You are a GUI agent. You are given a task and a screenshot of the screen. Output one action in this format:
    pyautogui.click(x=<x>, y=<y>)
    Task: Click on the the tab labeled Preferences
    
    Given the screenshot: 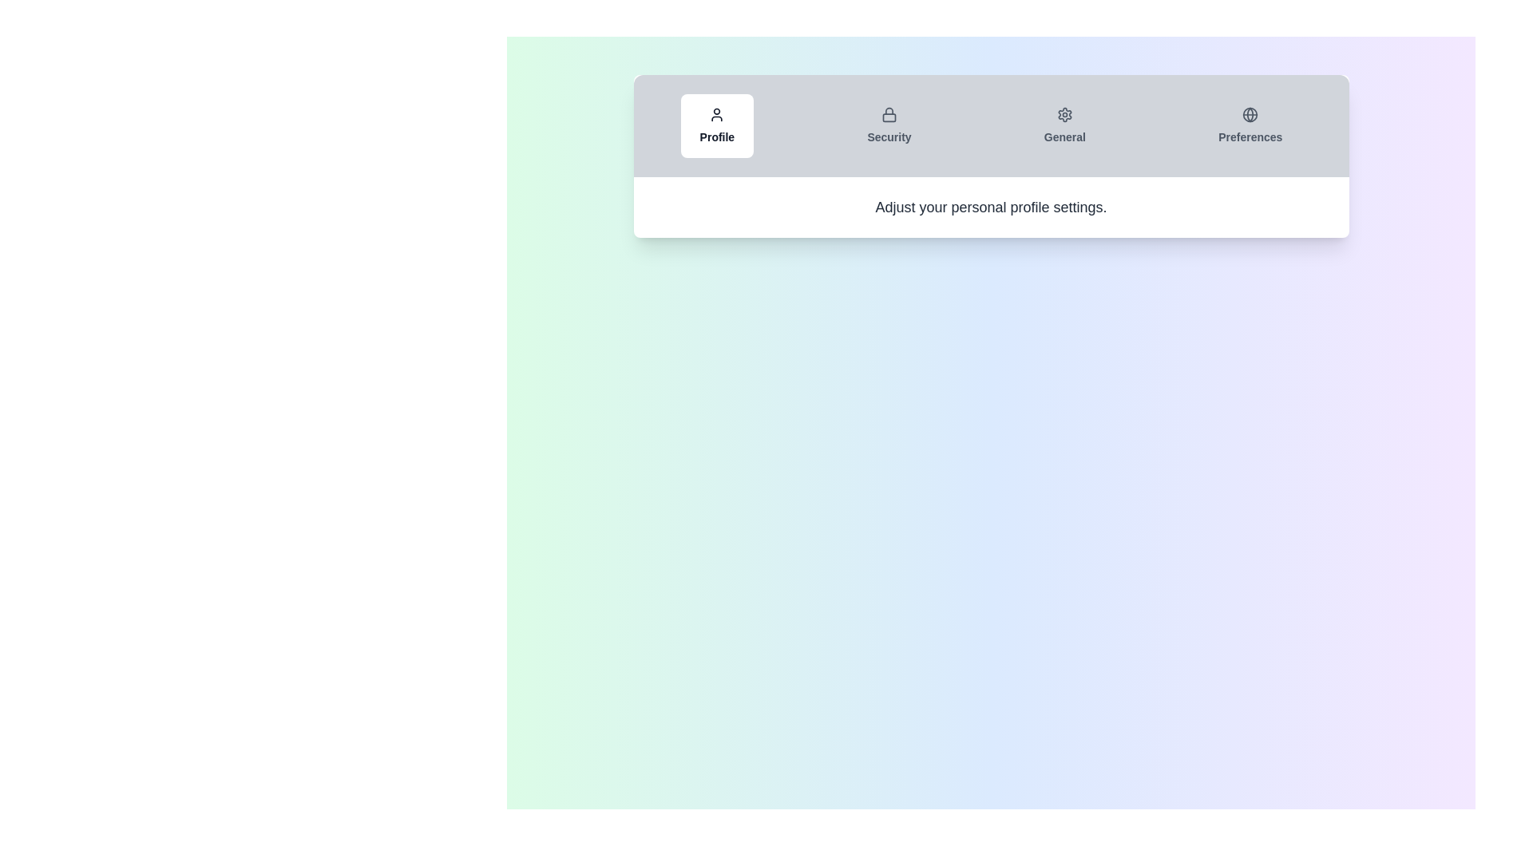 What is the action you would take?
    pyautogui.click(x=1250, y=125)
    